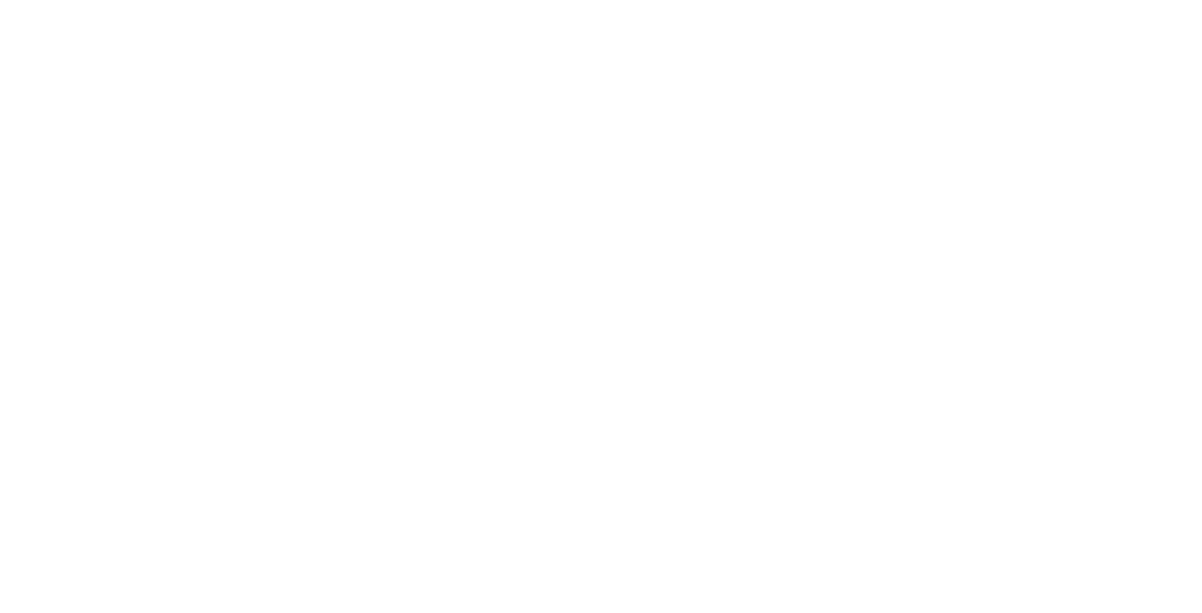 Image resolution: width=1202 pixels, height=613 pixels. What do you see at coordinates (630, 88) in the screenshot?
I see `'Alumni & Friends'` at bounding box center [630, 88].